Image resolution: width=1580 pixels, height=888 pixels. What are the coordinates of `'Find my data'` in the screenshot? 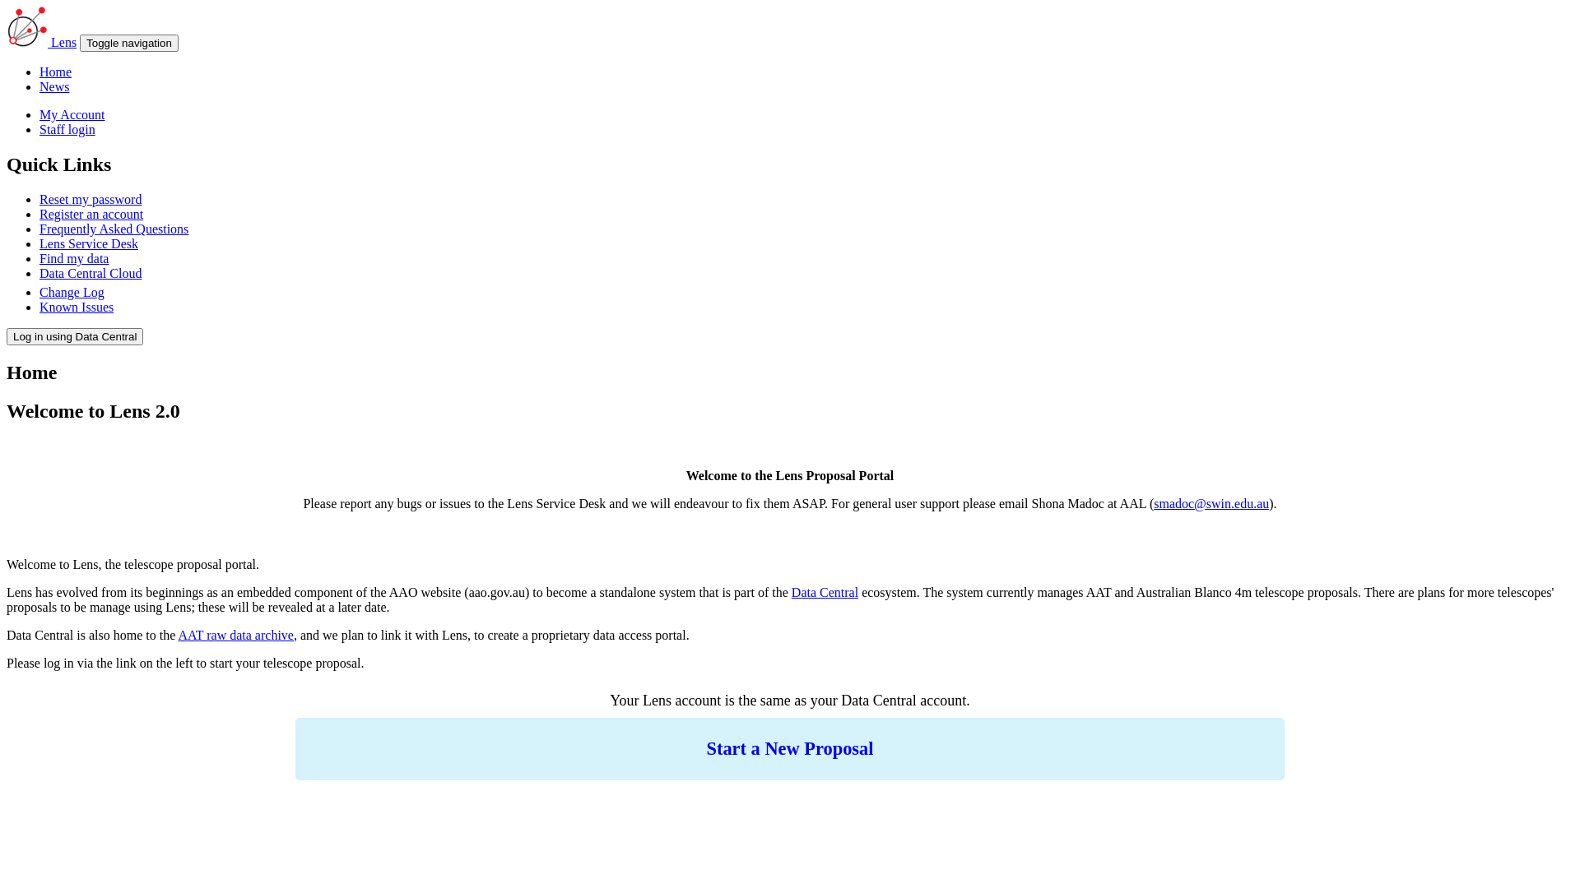 It's located at (39, 258).